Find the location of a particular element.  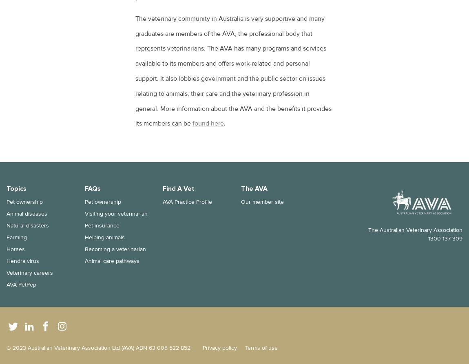

'Animal care pathways' is located at coordinates (111, 261).